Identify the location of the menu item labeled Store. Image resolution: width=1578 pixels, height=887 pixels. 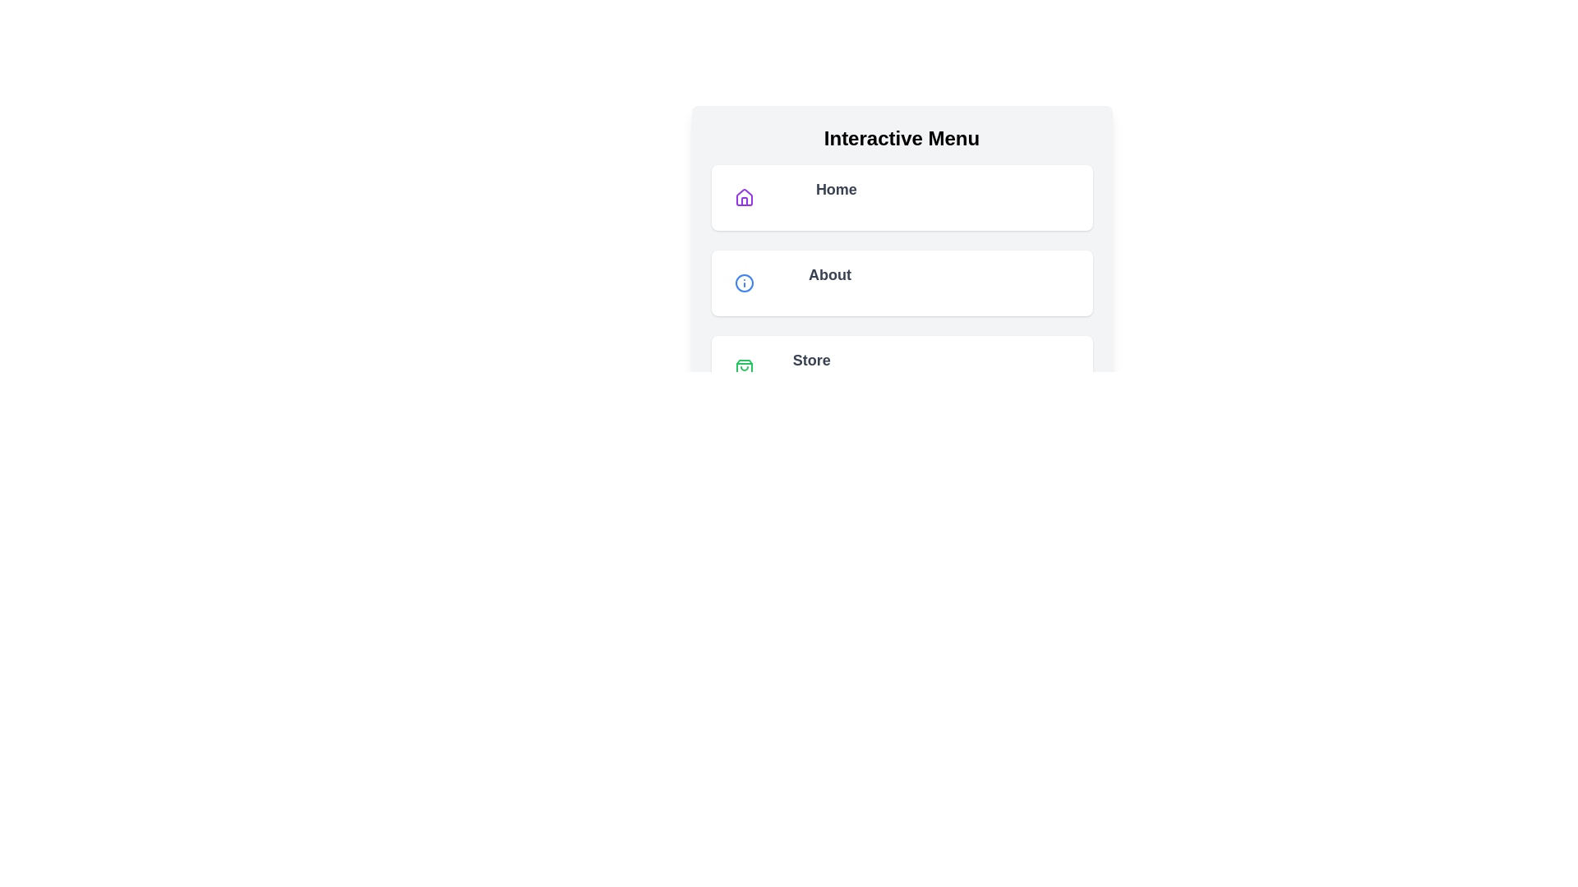
(901, 367).